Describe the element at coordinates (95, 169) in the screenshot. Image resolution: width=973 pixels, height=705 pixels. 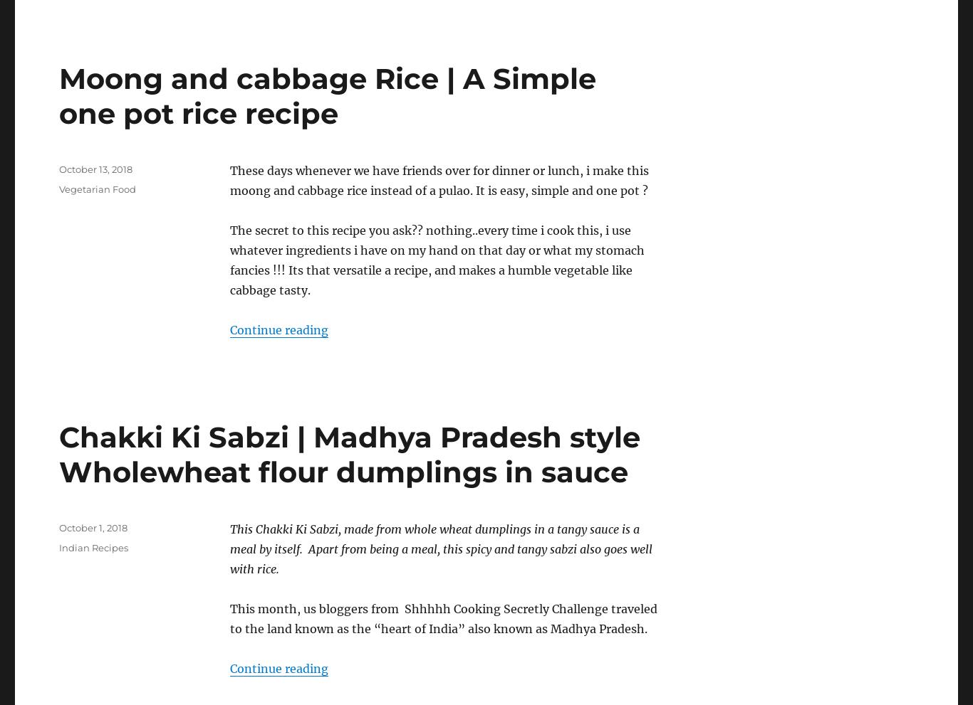
I see `'October 13, 2018'` at that location.